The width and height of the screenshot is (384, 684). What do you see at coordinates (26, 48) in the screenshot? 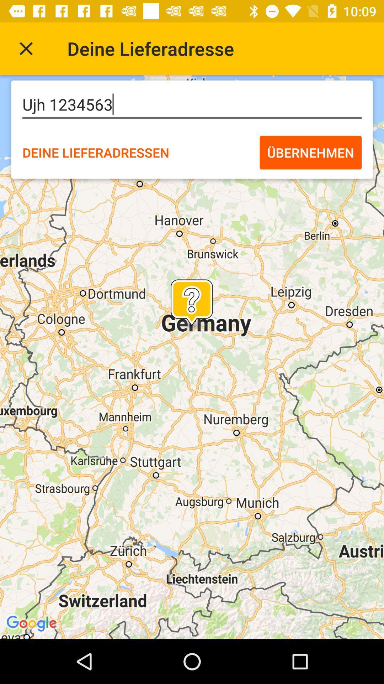
I see `exit the current search` at bounding box center [26, 48].